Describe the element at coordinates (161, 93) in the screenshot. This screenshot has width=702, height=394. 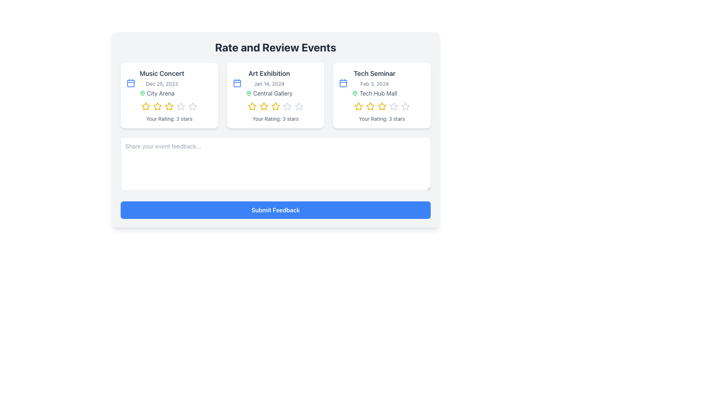
I see `venue name 'City Arena' displayed in the leftmost card labeled 'Music Concert' below the date 'Dec 25, 2023' and above the star rating icons` at that location.